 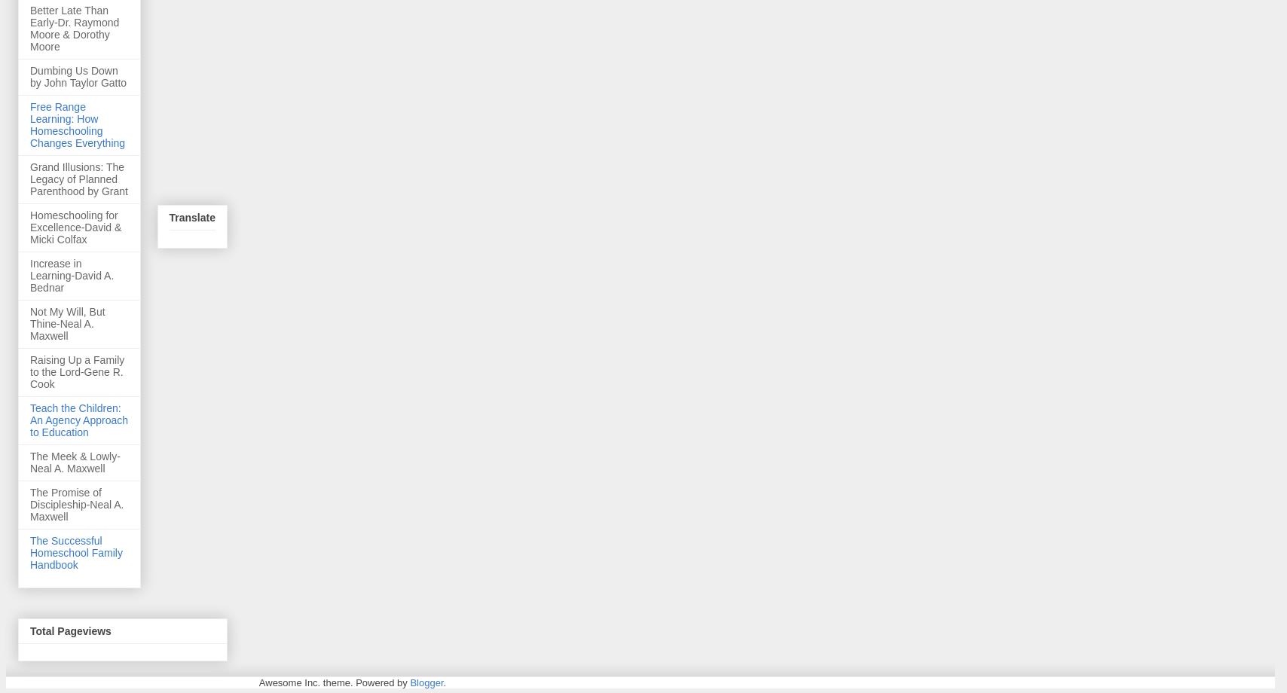 What do you see at coordinates (29, 273) in the screenshot?
I see `'Increase in Learning-David A. Bednar'` at bounding box center [29, 273].